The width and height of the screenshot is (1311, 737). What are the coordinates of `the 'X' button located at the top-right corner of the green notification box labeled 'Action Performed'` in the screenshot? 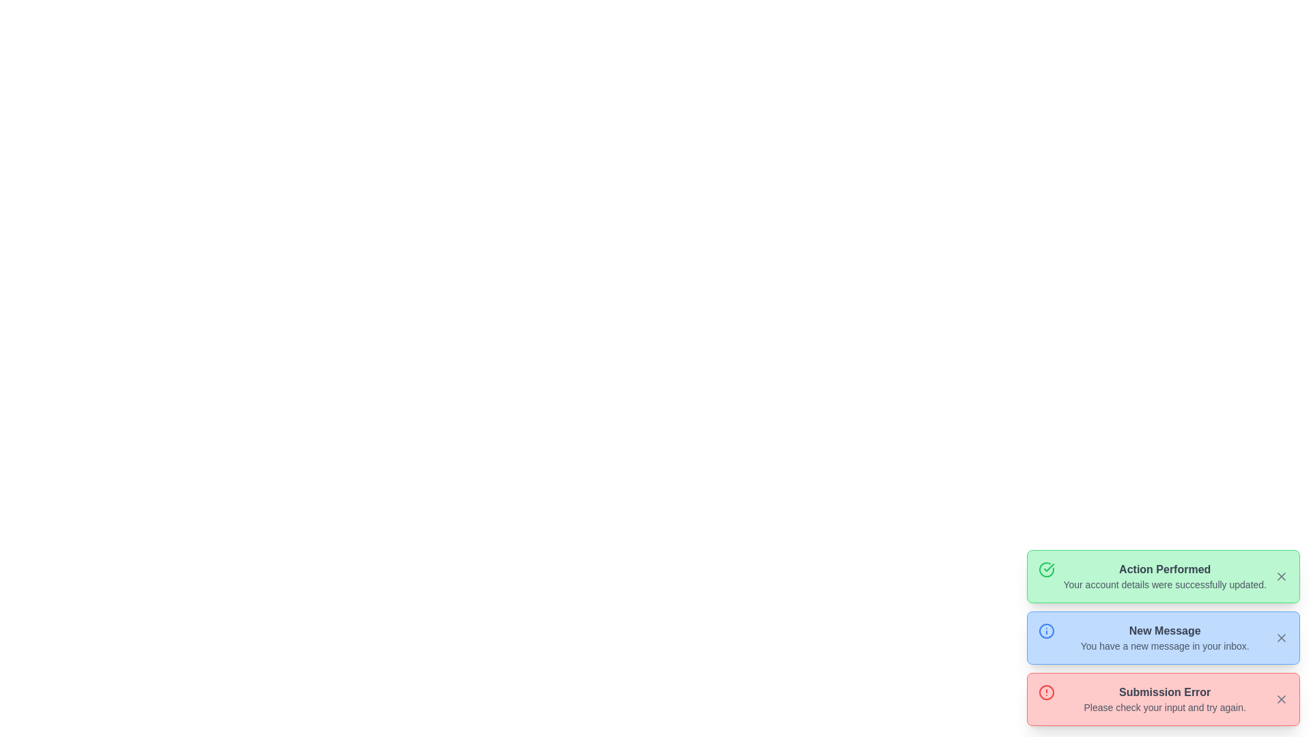 It's located at (1280, 576).